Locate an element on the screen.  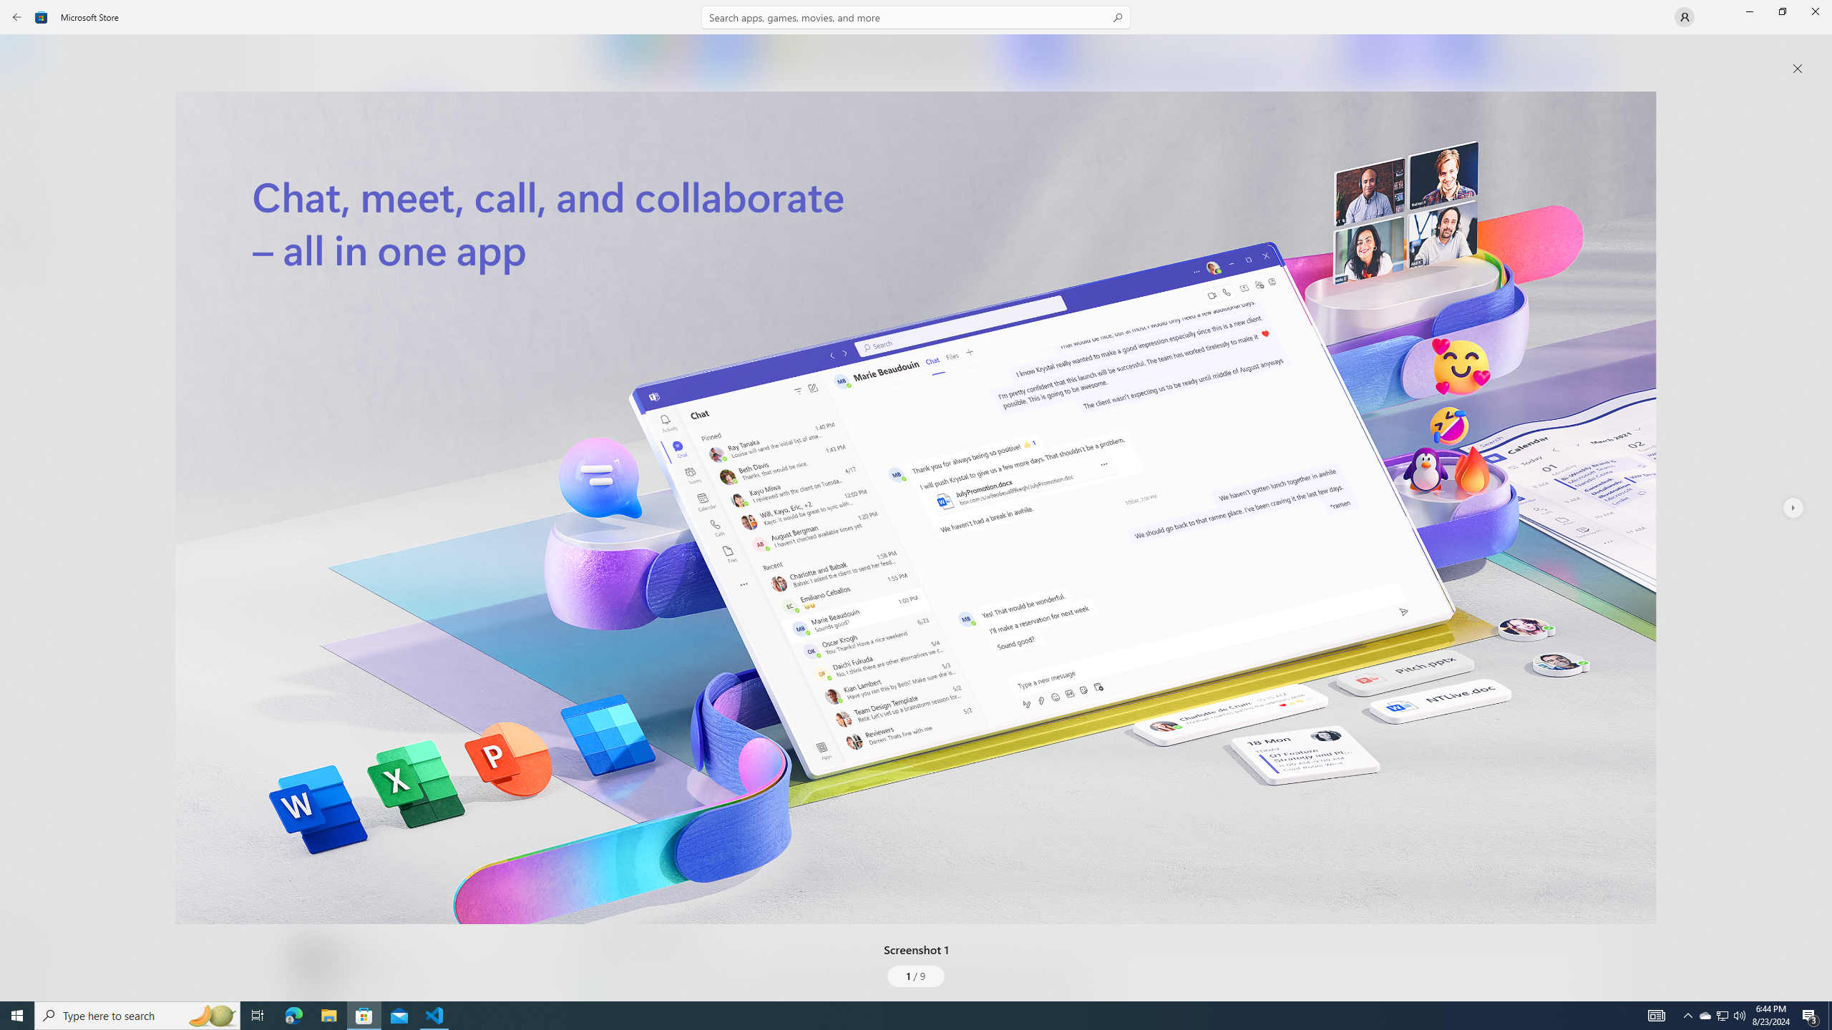
'Restore Microsoft Store' is located at coordinates (1782, 11).